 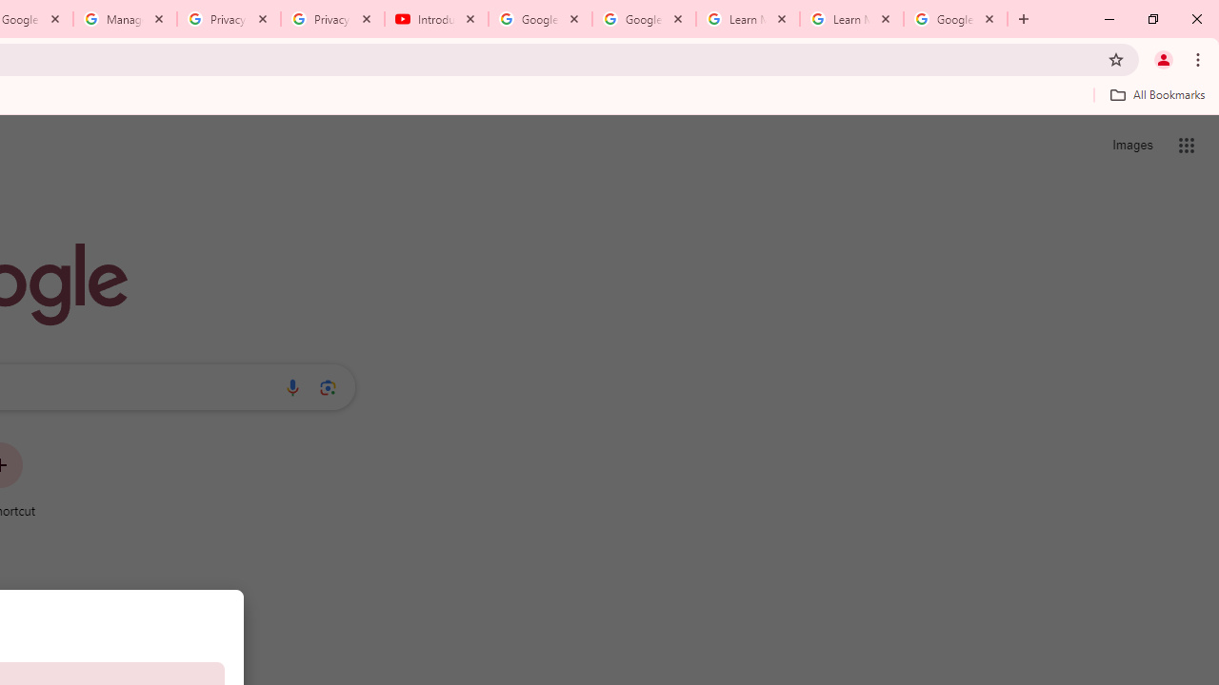 What do you see at coordinates (1156, 94) in the screenshot?
I see `'All Bookmarks'` at bounding box center [1156, 94].